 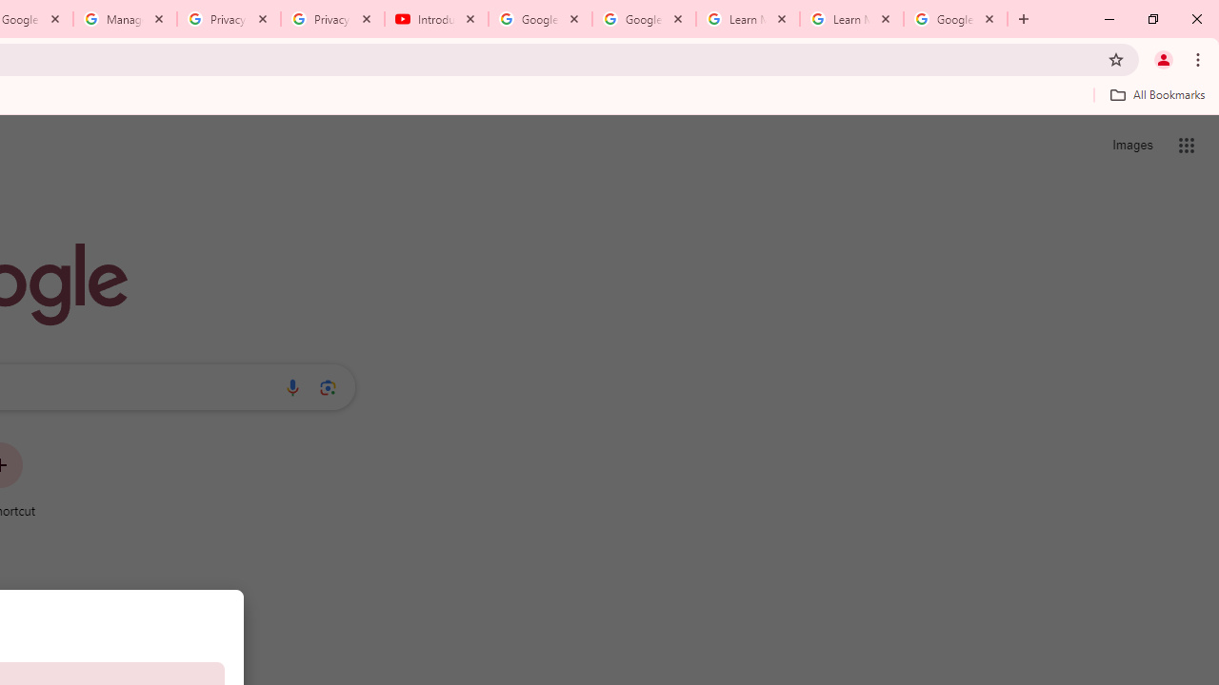 What do you see at coordinates (1156, 94) in the screenshot?
I see `'All Bookmarks'` at bounding box center [1156, 94].